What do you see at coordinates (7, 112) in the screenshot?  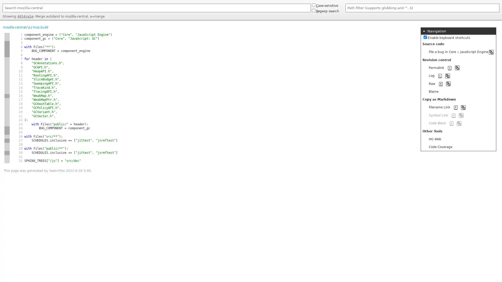 I see `same hash 1` at bounding box center [7, 112].